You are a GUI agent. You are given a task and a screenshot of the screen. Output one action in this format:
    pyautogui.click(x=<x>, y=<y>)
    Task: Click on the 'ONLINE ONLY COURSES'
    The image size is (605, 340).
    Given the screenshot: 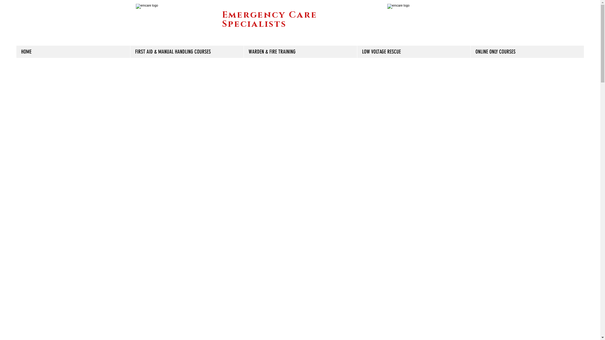 What is the action you would take?
    pyautogui.click(x=470, y=51)
    